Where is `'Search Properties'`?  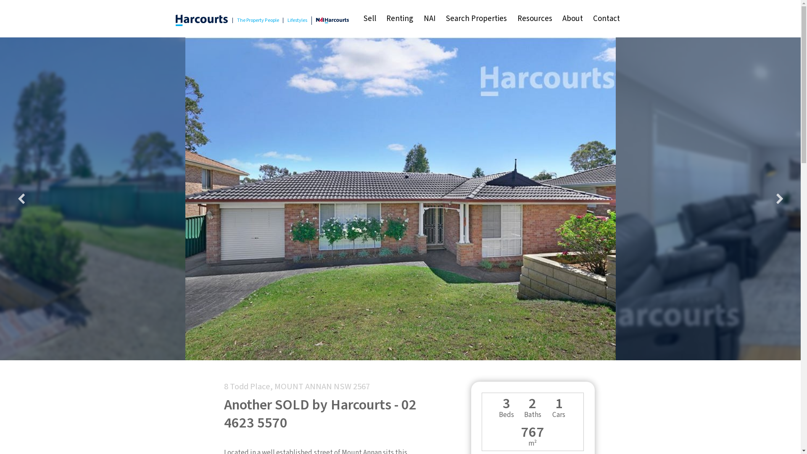
'Search Properties' is located at coordinates (476, 19).